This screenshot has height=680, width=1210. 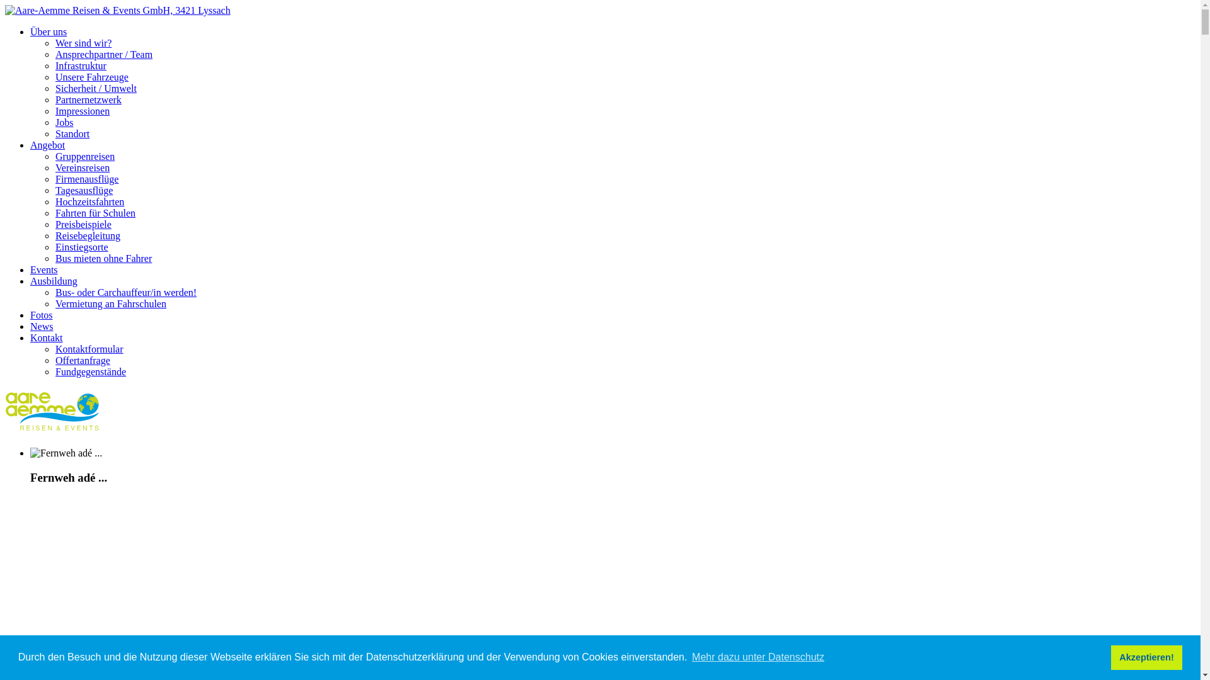 What do you see at coordinates (1146, 657) in the screenshot?
I see `'Akzeptieren!'` at bounding box center [1146, 657].